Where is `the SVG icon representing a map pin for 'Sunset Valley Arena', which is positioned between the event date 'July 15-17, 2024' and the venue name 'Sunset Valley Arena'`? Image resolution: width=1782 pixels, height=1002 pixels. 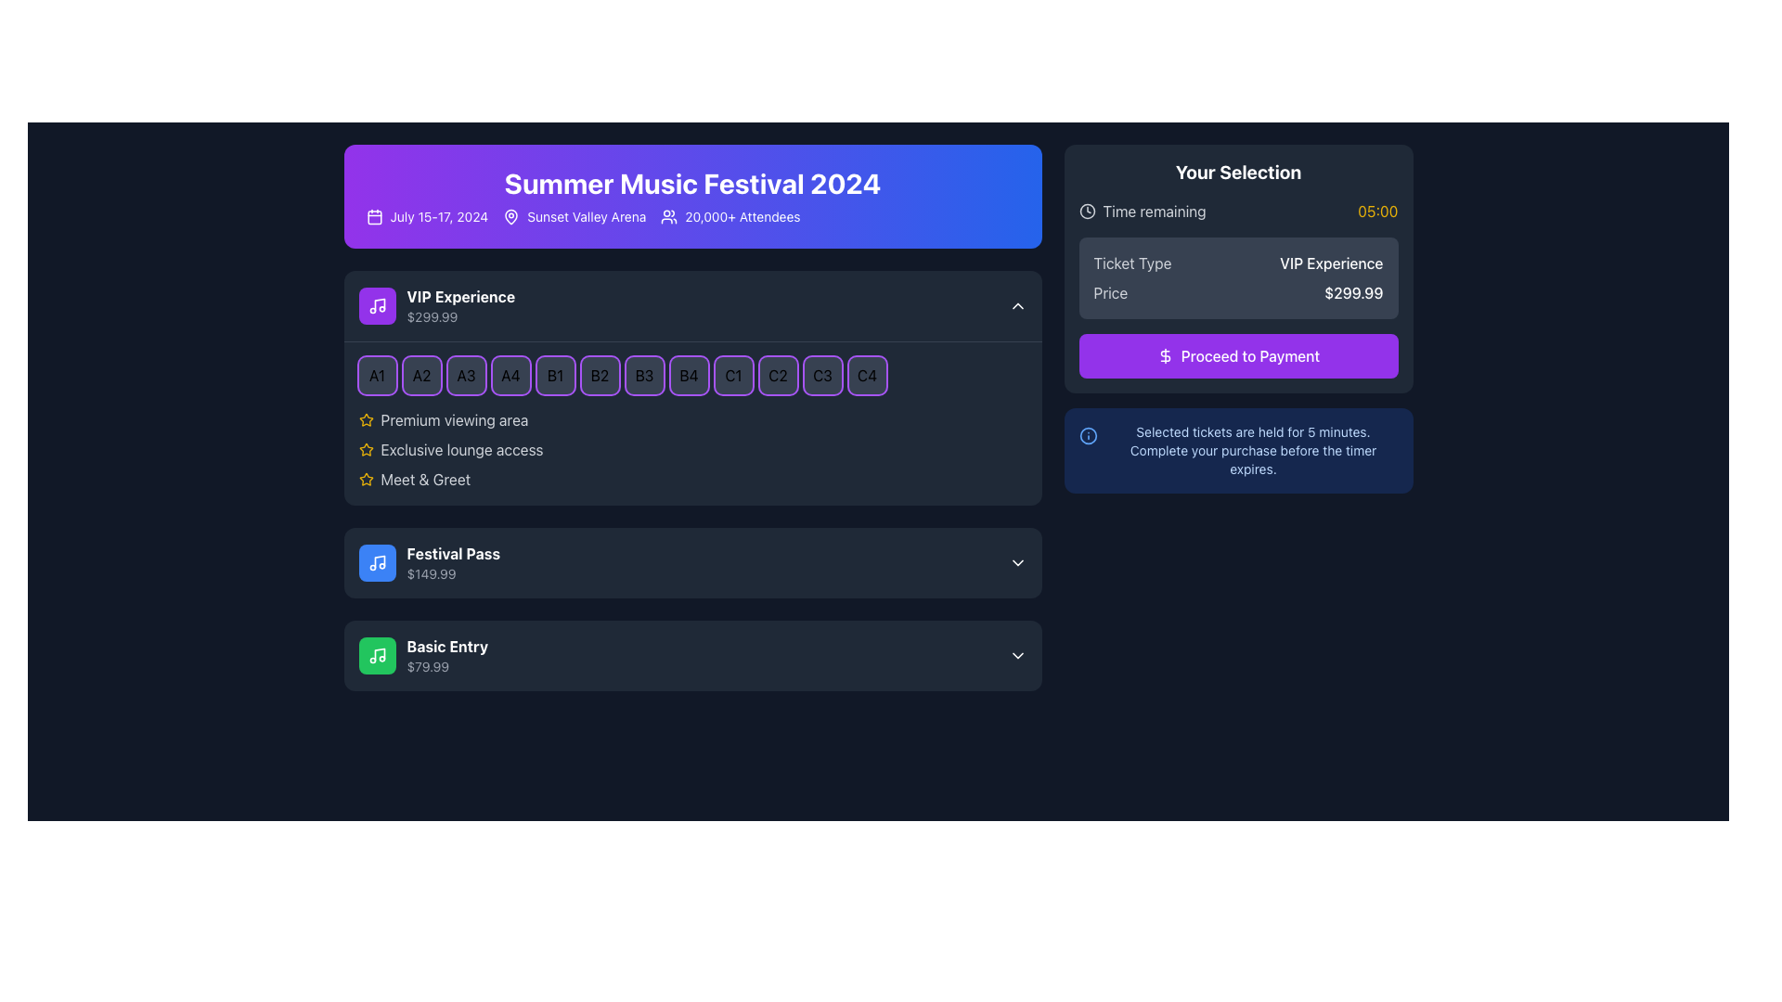 the SVG icon representing a map pin for 'Sunset Valley Arena', which is positioned between the event date 'July 15-17, 2024' and the venue name 'Sunset Valley Arena' is located at coordinates (511, 216).